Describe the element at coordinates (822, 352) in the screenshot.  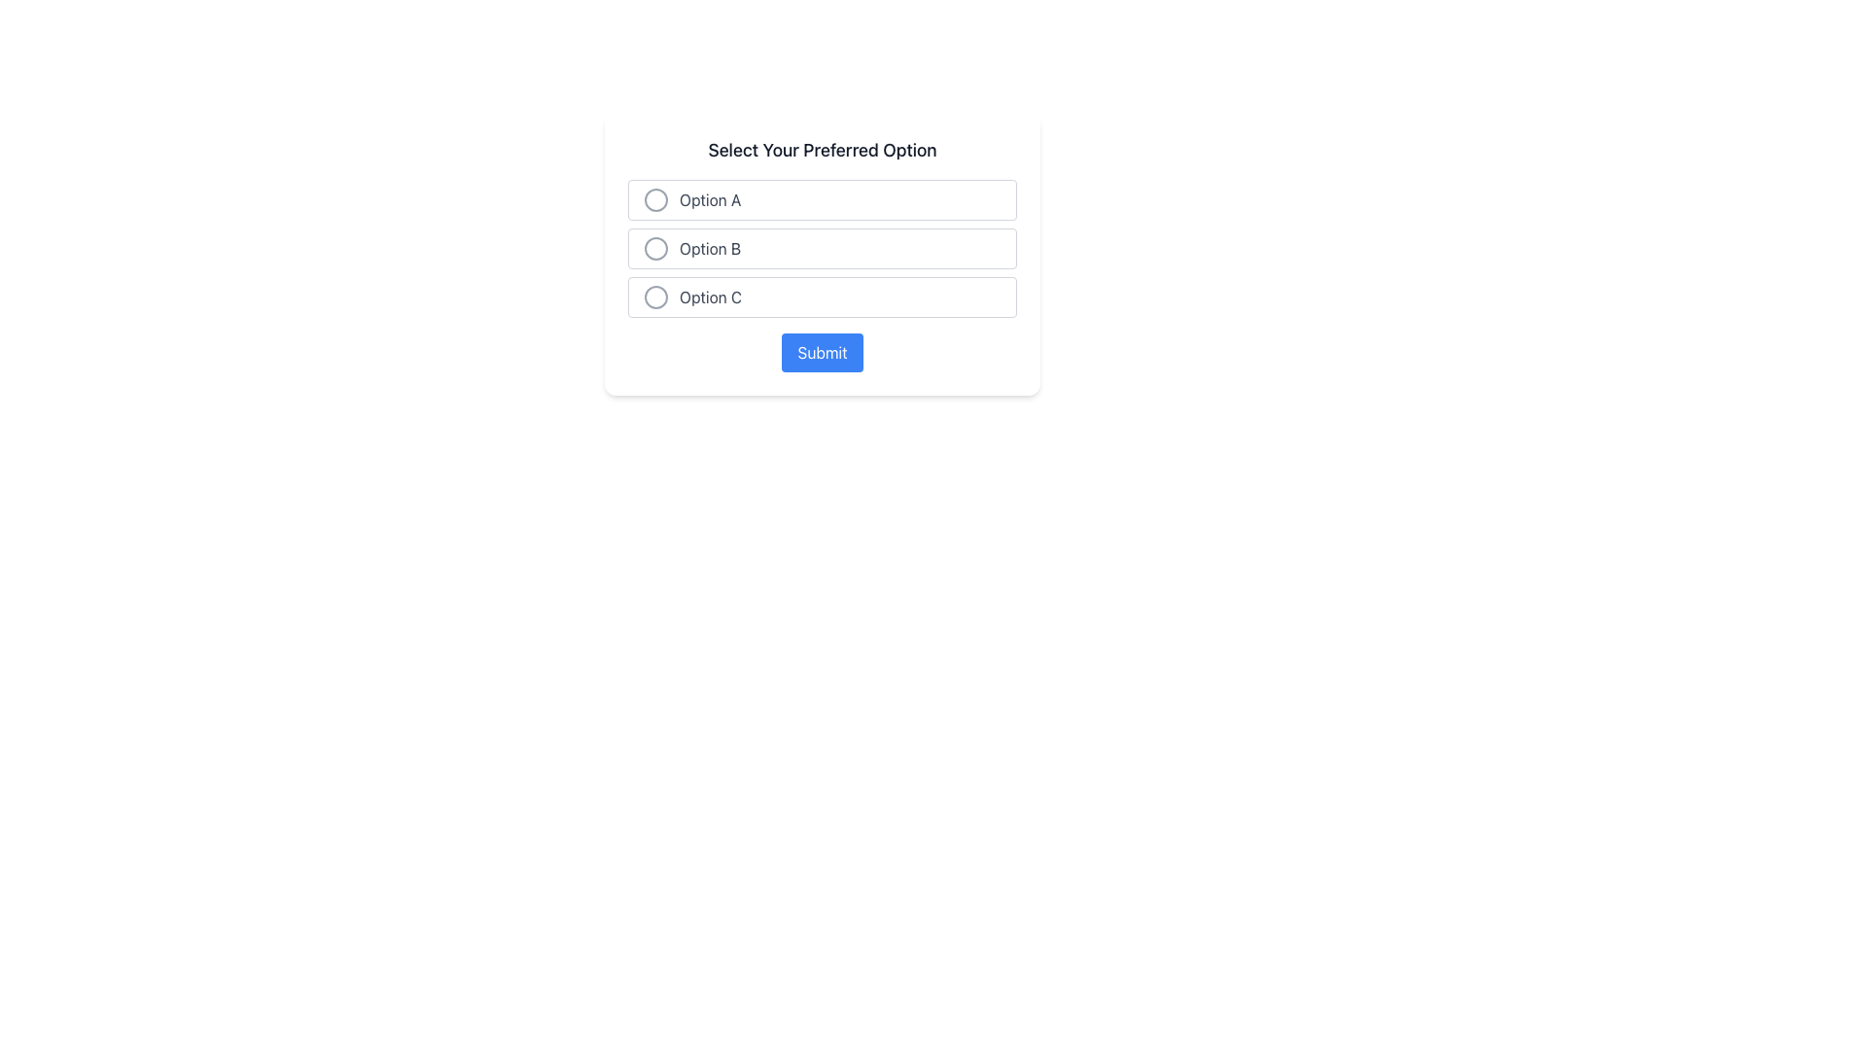
I see `the submission button located at the bottom of the form, centered beneath the options 'Option A', 'Option B', and 'Option C'` at that location.